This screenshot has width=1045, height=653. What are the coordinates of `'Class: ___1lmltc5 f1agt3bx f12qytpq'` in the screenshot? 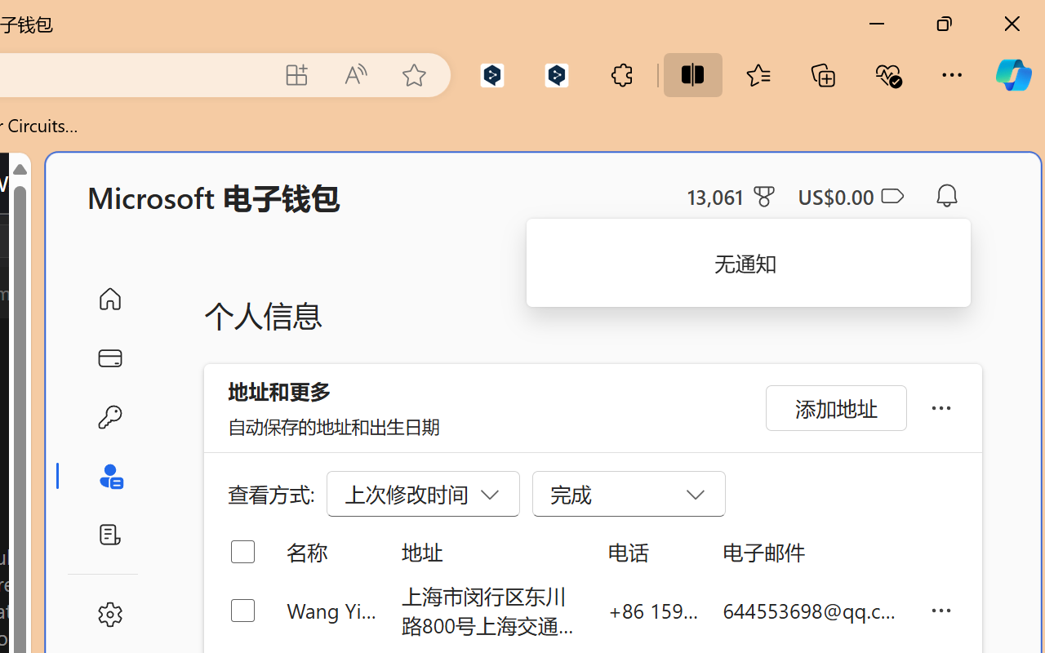 It's located at (891, 196).